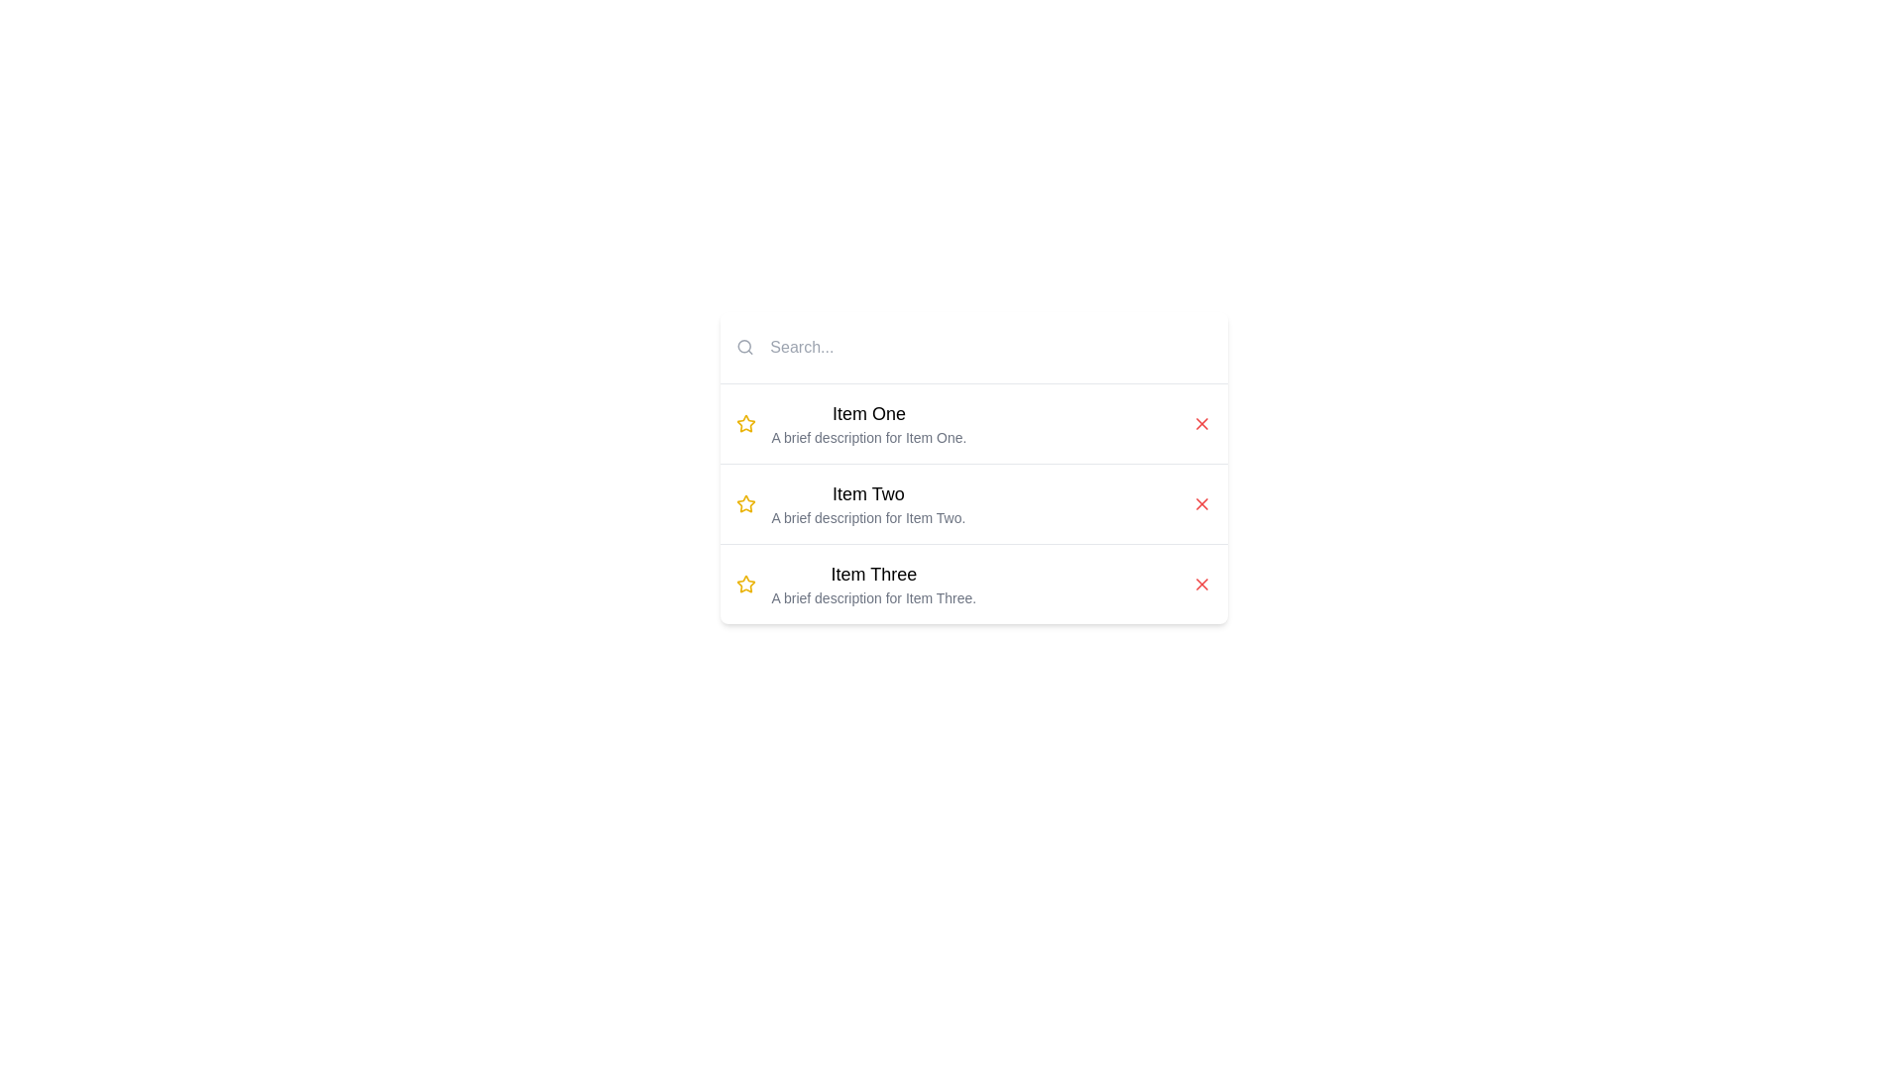 The height and width of the screenshot is (1070, 1903). I want to click on the icon to the left of the text 'Item Two', so click(744, 503).